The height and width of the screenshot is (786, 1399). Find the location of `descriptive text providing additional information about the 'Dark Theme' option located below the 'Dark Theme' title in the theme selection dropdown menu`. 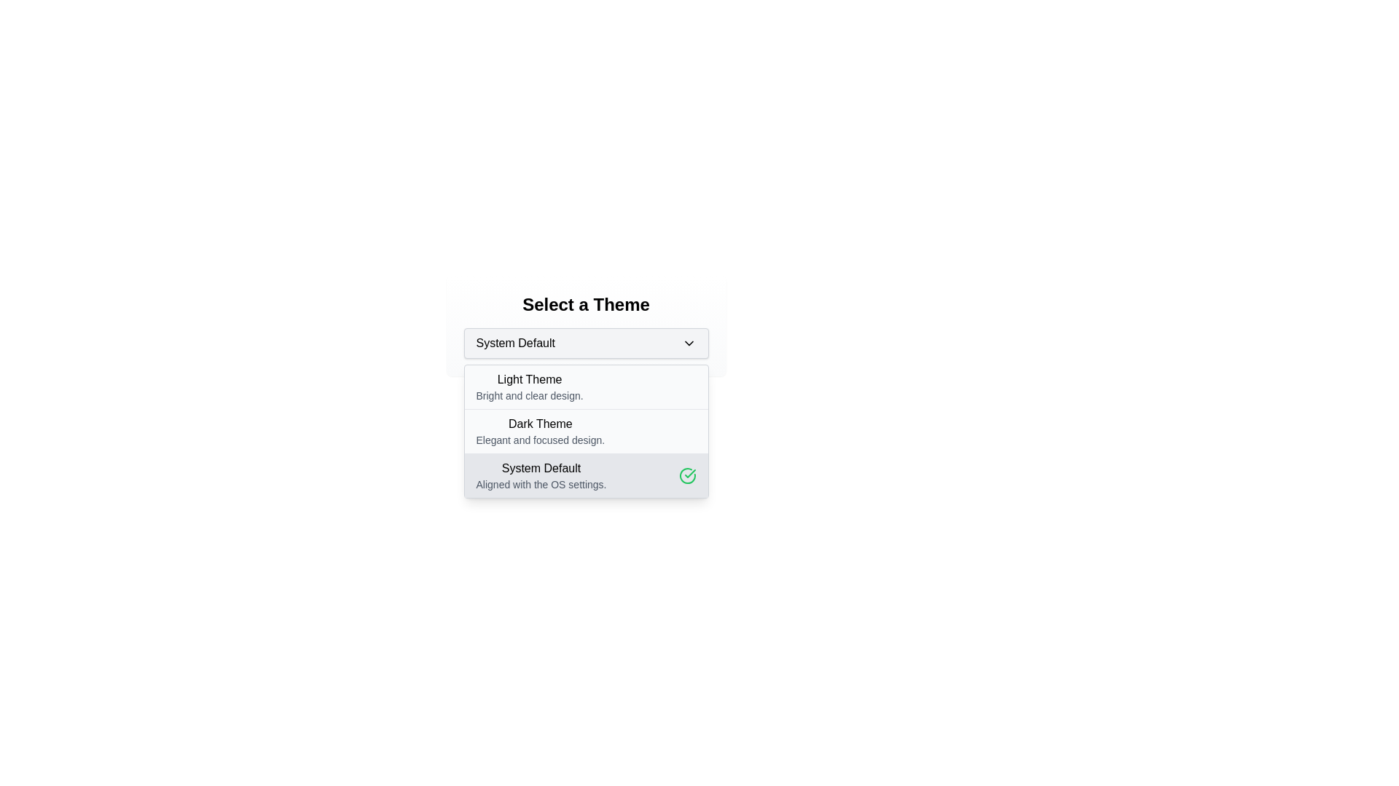

descriptive text providing additional information about the 'Dark Theme' option located below the 'Dark Theme' title in the theme selection dropdown menu is located at coordinates (539, 440).